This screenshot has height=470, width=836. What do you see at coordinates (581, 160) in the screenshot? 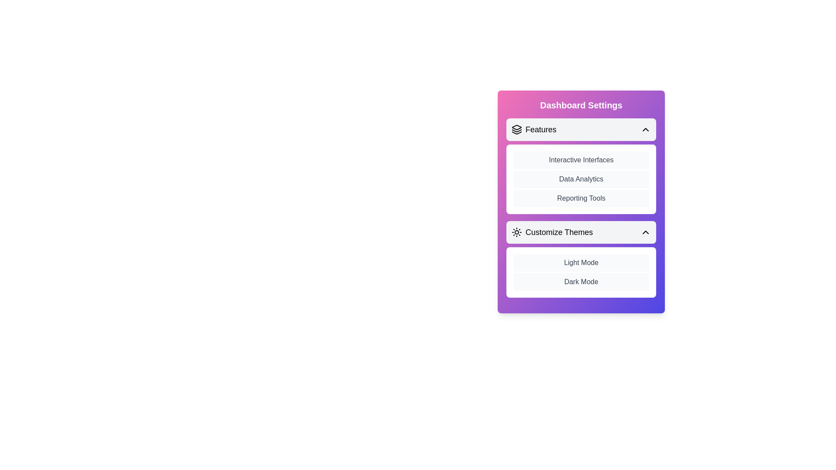
I see `the list item Interactive Interfaces in the section Features` at bounding box center [581, 160].